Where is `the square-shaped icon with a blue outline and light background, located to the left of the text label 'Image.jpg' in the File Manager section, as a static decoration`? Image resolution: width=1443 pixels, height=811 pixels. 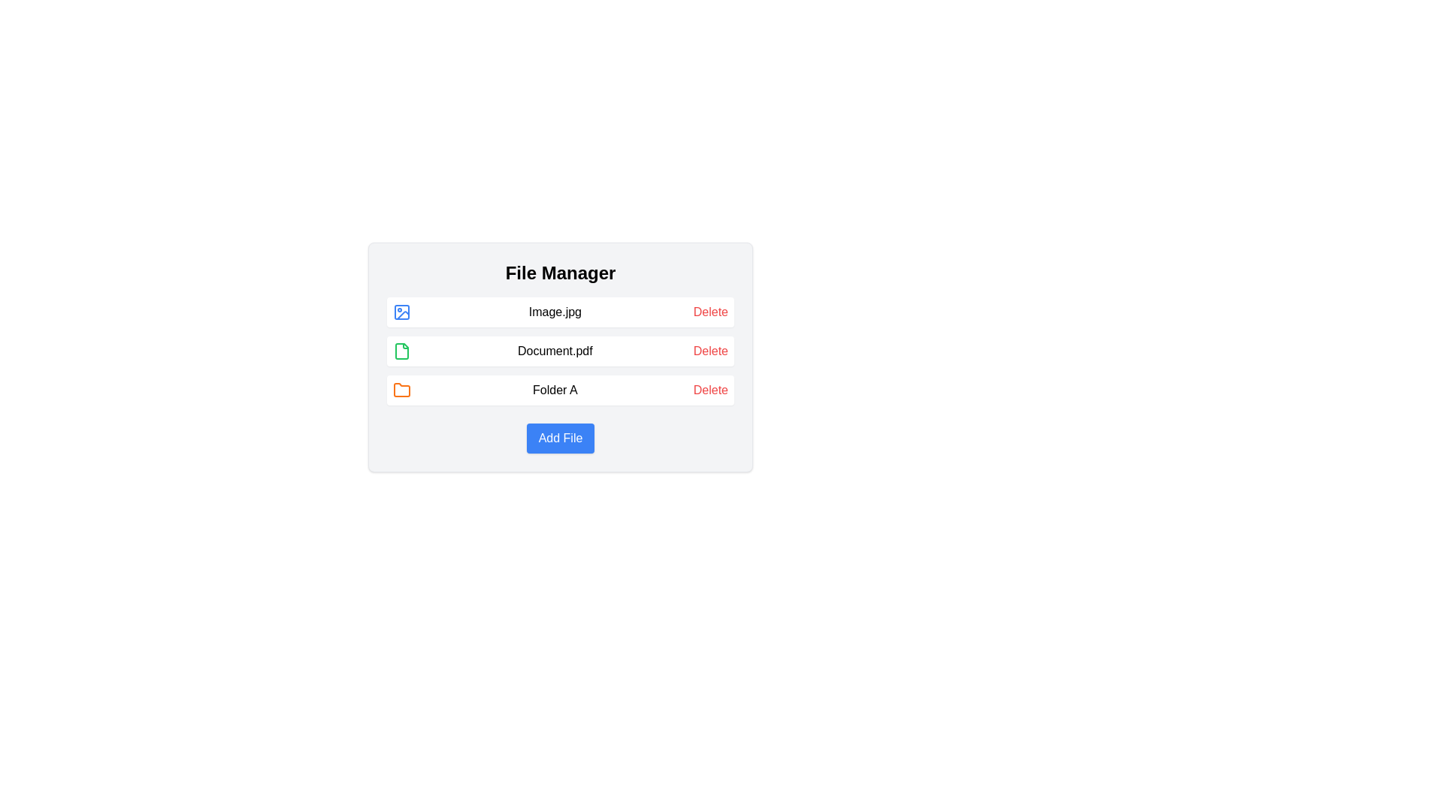 the square-shaped icon with a blue outline and light background, located to the left of the text label 'Image.jpg' in the File Manager section, as a static decoration is located at coordinates (401, 312).